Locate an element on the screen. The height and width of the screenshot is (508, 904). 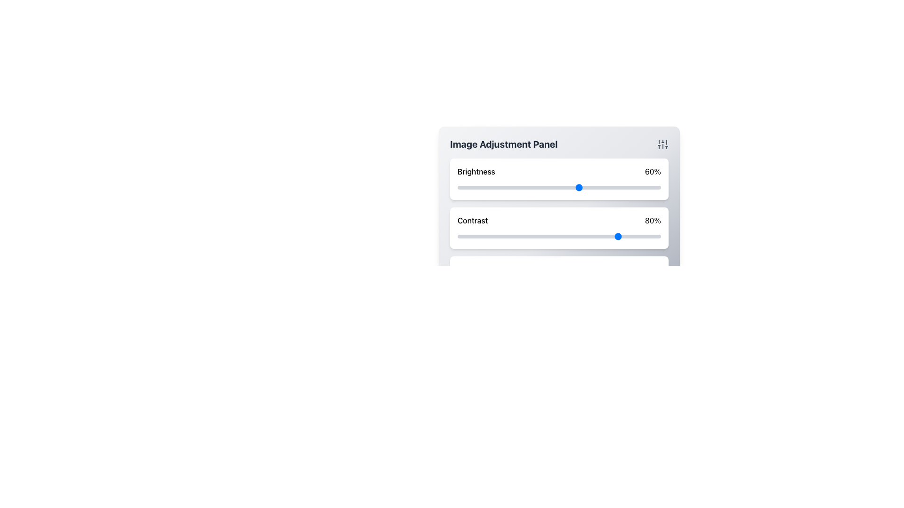
the brightness is located at coordinates (537, 187).